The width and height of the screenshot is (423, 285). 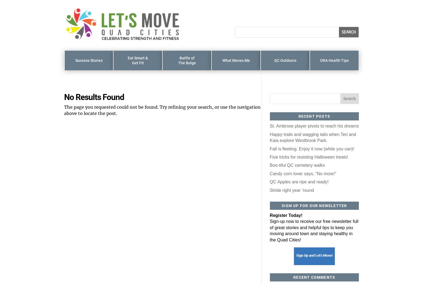 What do you see at coordinates (88, 60) in the screenshot?
I see `'Success Stories'` at bounding box center [88, 60].